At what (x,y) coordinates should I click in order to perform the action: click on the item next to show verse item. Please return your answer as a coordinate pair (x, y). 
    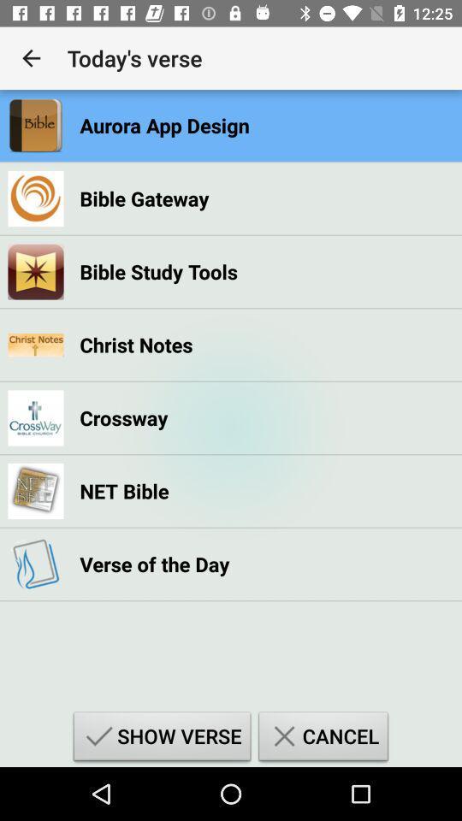
    Looking at the image, I should click on (323, 738).